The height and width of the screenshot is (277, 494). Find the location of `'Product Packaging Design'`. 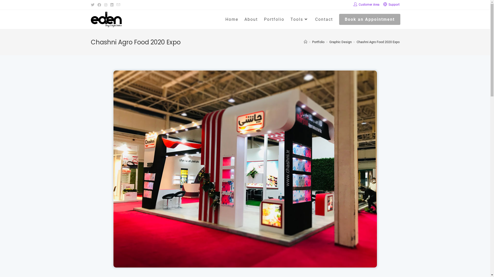

'Product Packaging Design' is located at coordinates (206, 206).